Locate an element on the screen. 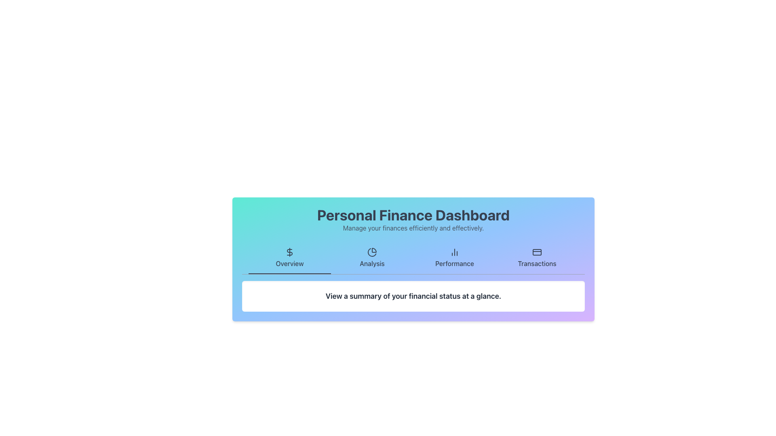 The height and width of the screenshot is (436, 776). the informational caption text block that summarizes the financial overview on the dashboard, located below the navigational tabs is located at coordinates (413, 296).